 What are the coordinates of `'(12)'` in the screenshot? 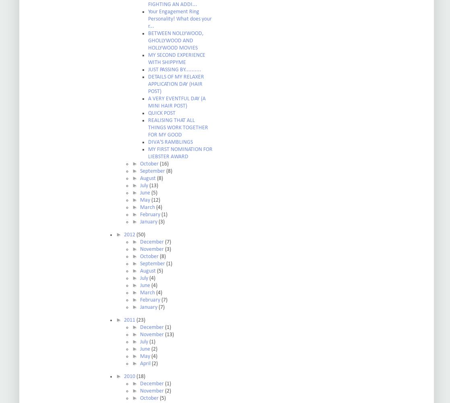 It's located at (155, 200).